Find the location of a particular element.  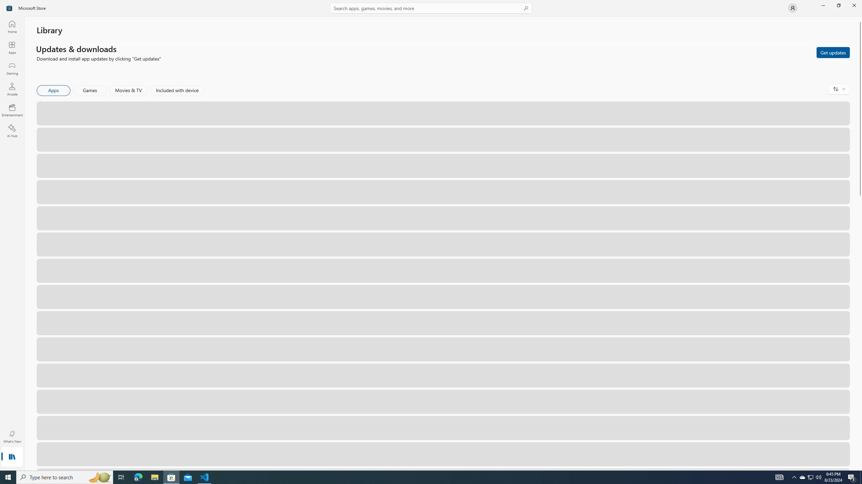

'Arcade' is located at coordinates (11, 89).